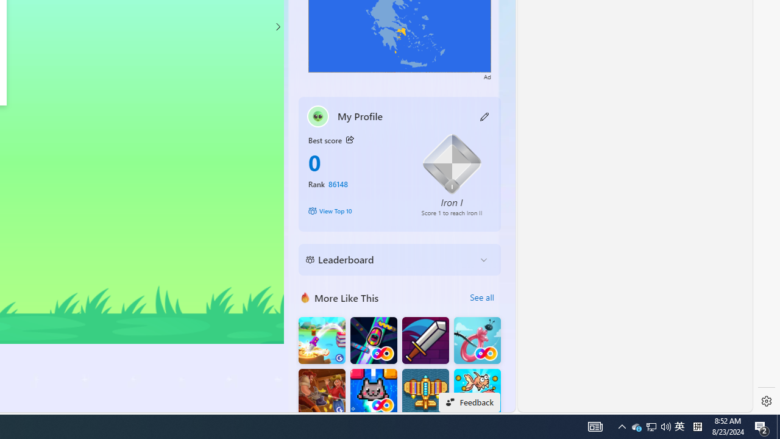 This screenshot has width=780, height=439. I want to click on 'Balloon FRVR', so click(477, 340).